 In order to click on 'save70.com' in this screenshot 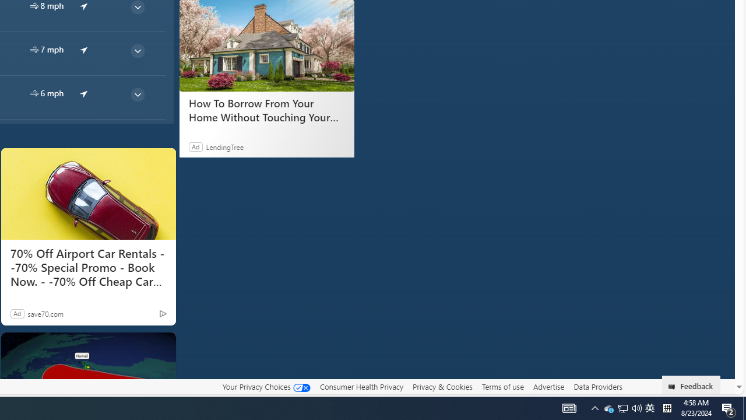, I will do `click(45, 313)`.